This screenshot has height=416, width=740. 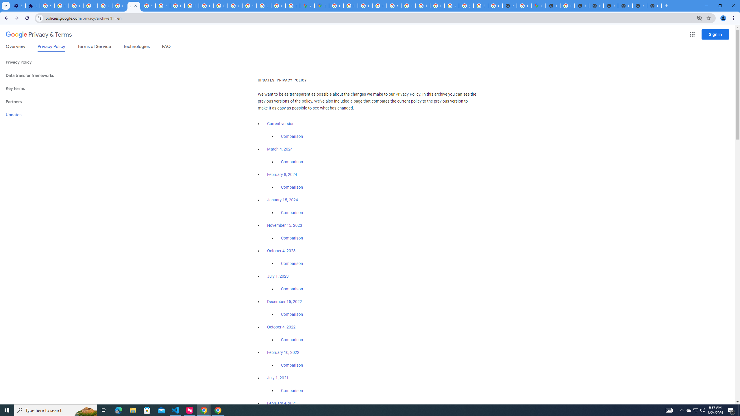 I want to click on 'Create your Google Account', so click(x=292, y=5).